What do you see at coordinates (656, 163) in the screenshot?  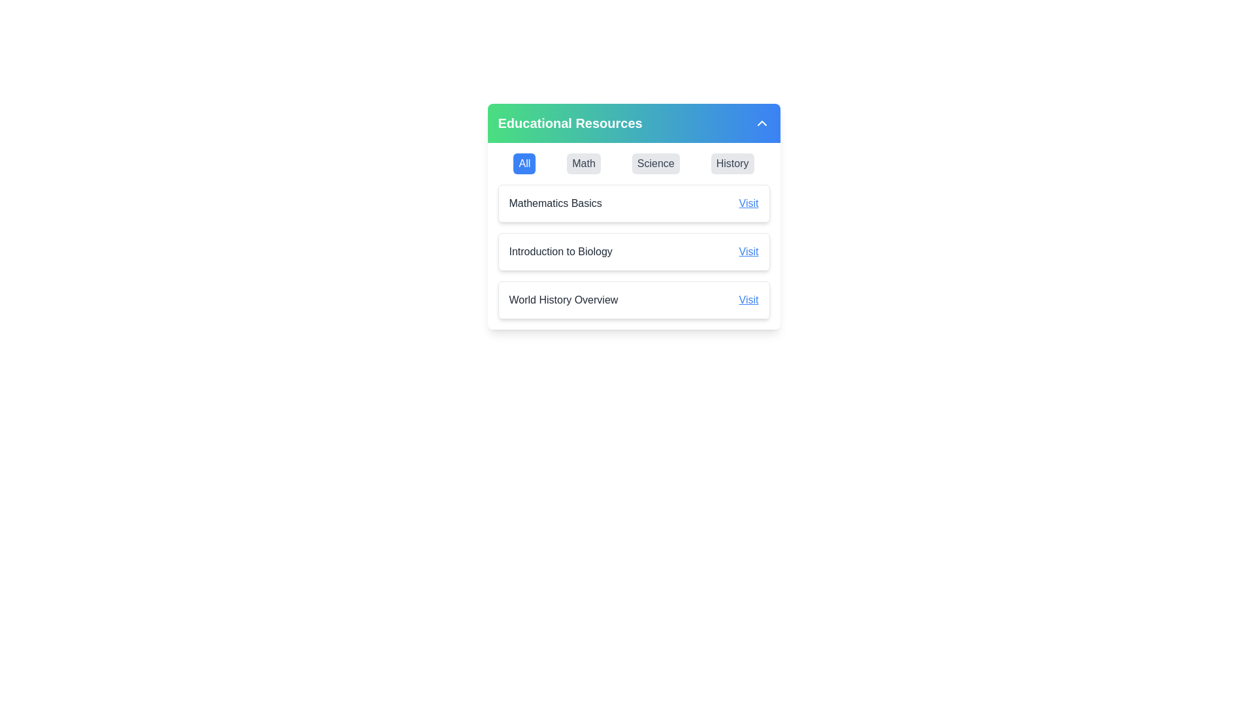 I see `the 'Science' category selector button located beneath the 'Educational Resources' title` at bounding box center [656, 163].